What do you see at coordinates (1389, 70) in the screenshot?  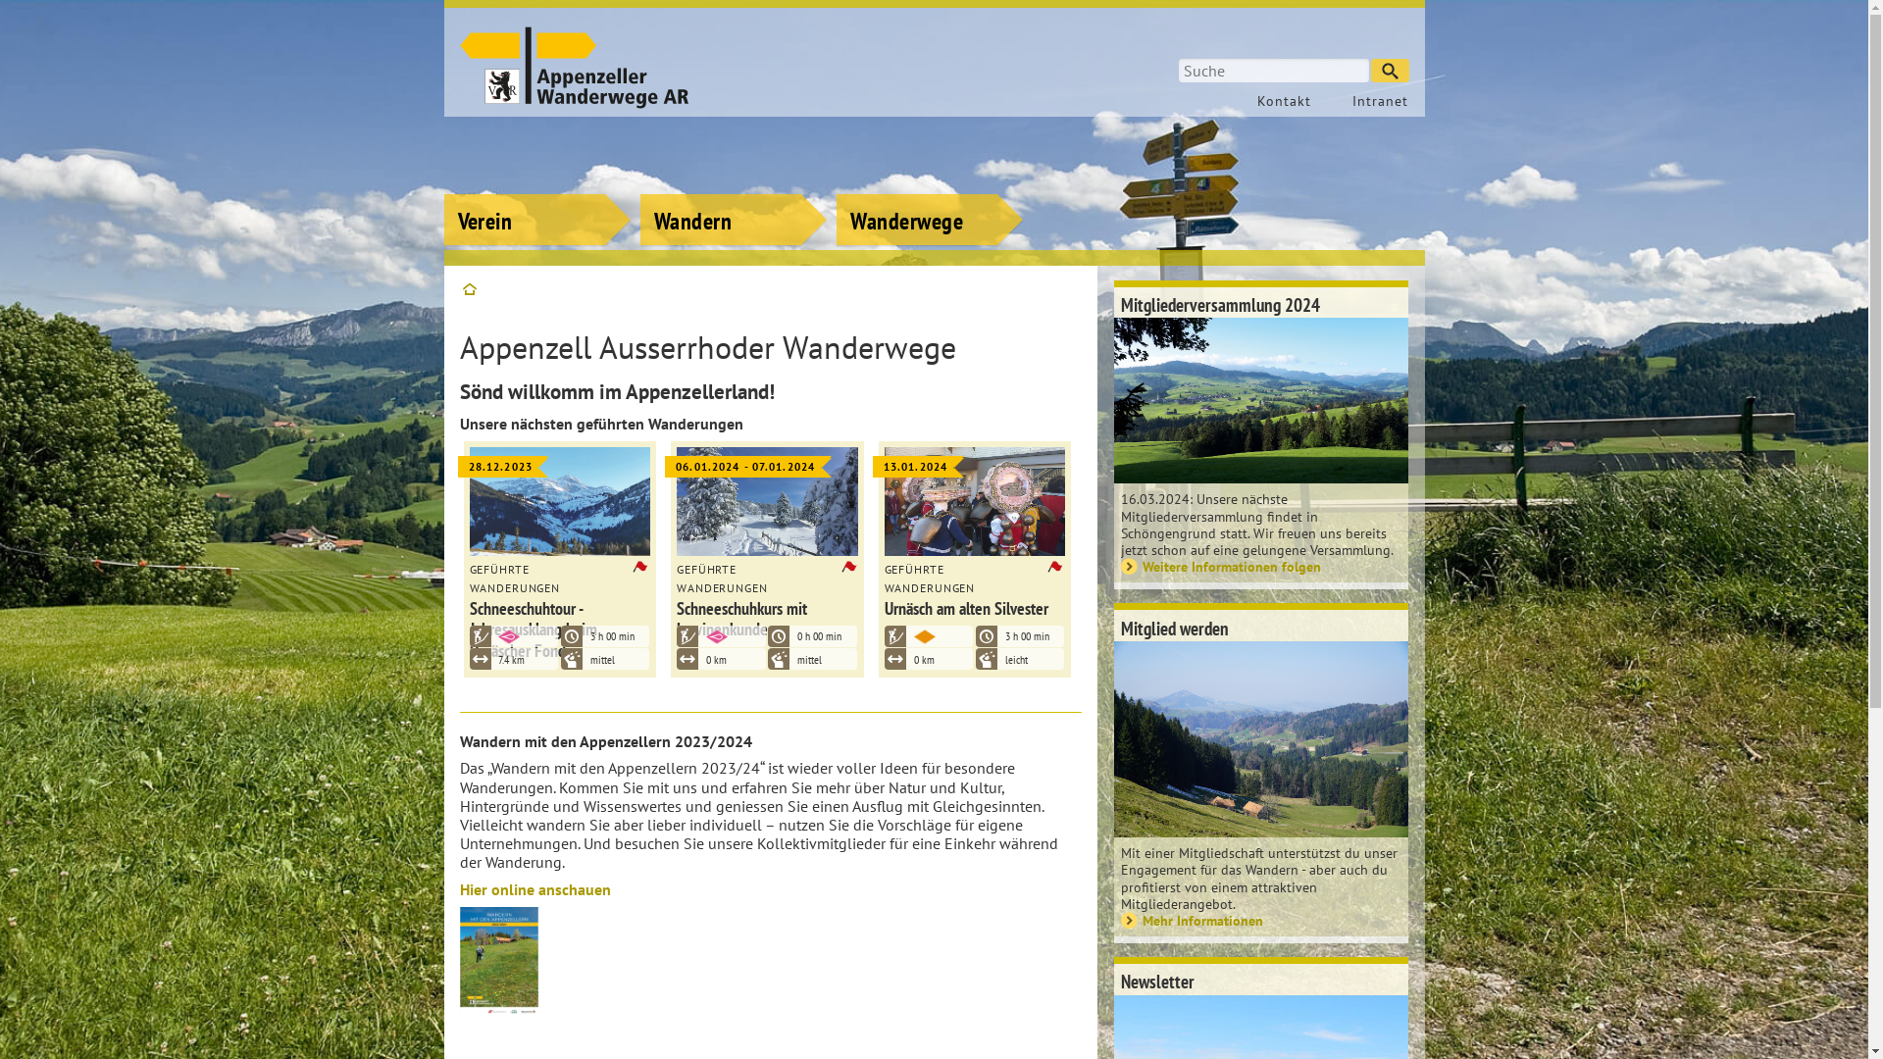 I see `'Suchen'` at bounding box center [1389, 70].